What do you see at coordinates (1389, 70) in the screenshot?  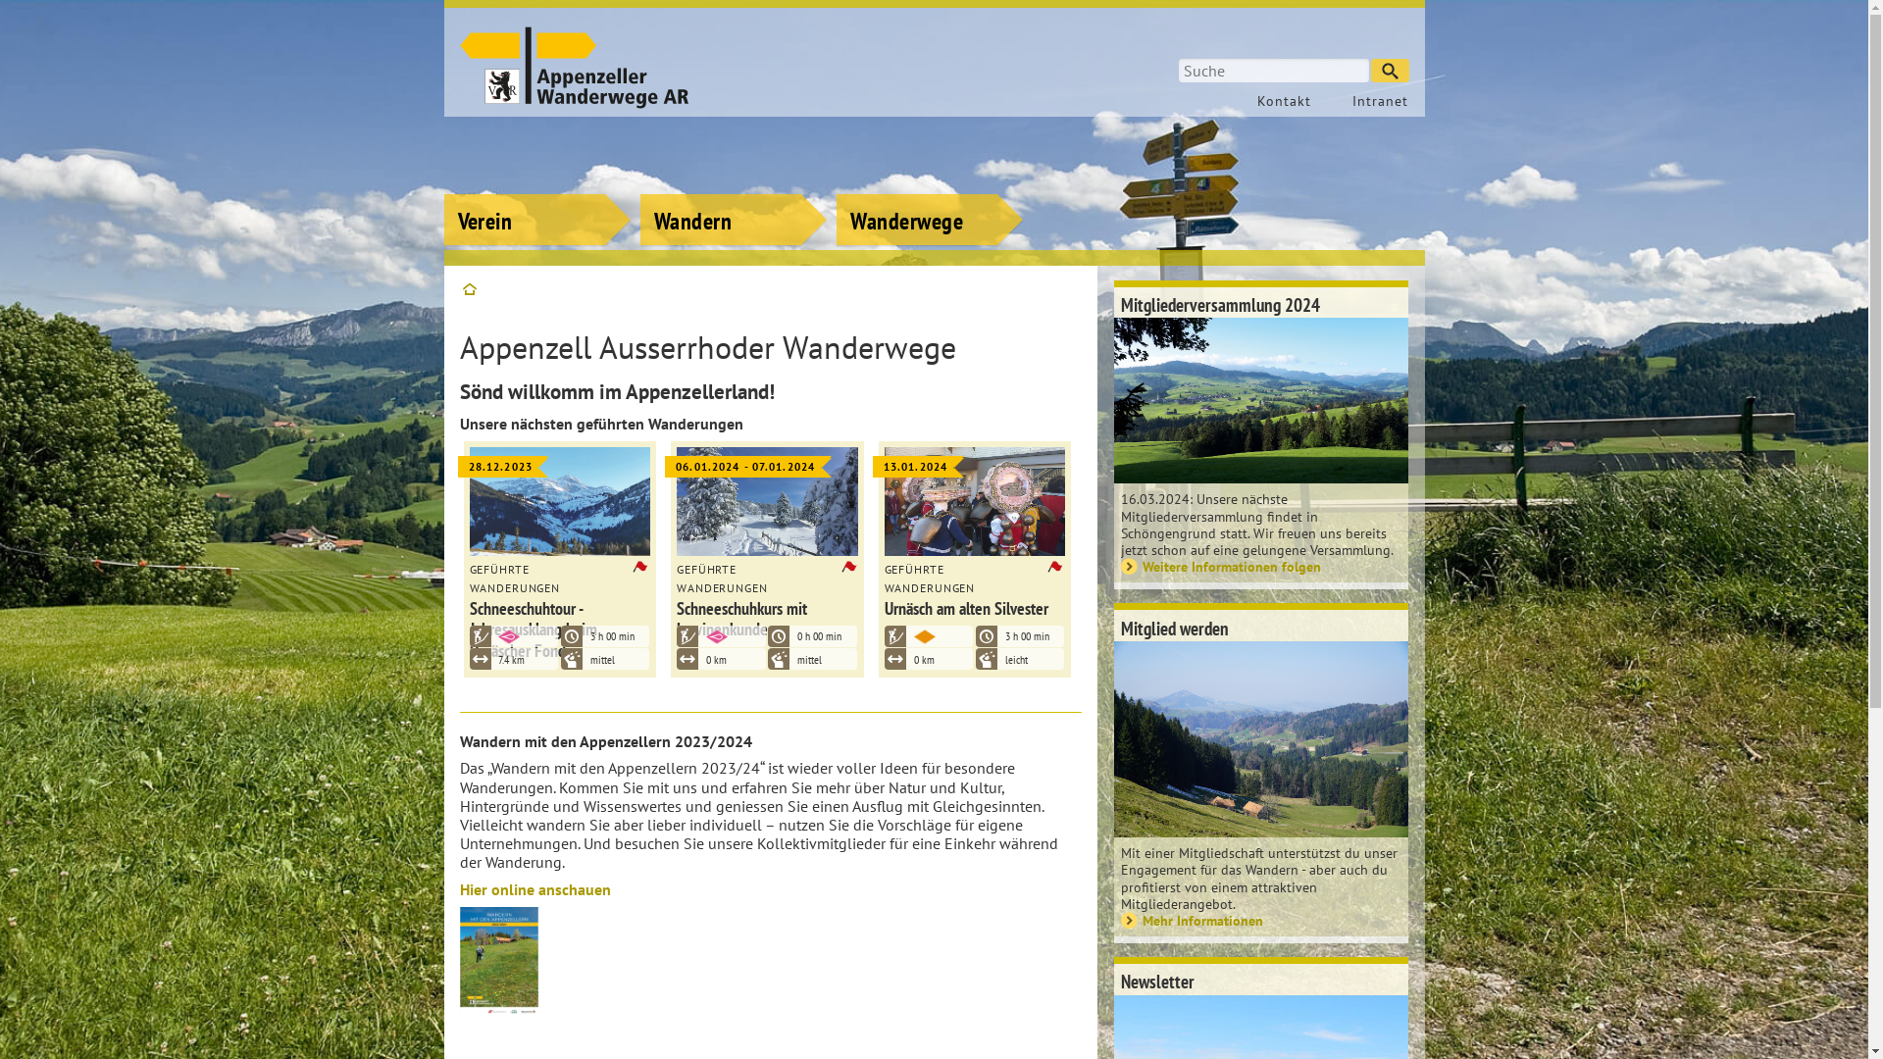 I see `'Suchen'` at bounding box center [1389, 70].